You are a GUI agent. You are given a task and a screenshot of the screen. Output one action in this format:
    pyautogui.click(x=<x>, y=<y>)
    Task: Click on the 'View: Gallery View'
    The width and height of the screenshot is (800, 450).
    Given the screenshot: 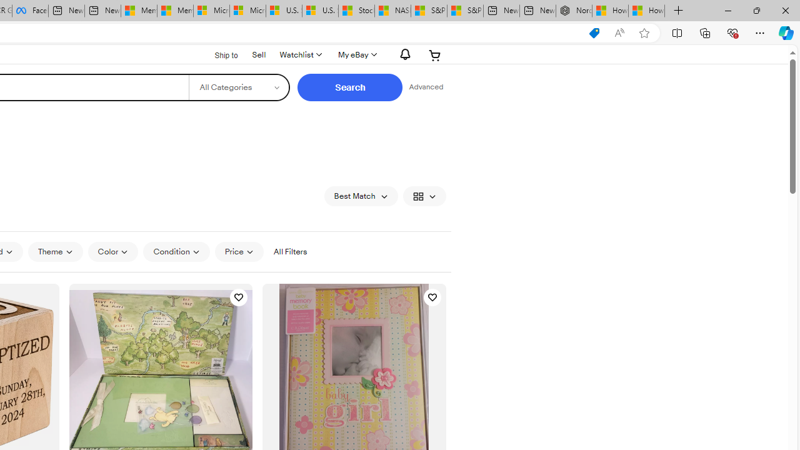 What is the action you would take?
    pyautogui.click(x=424, y=196)
    